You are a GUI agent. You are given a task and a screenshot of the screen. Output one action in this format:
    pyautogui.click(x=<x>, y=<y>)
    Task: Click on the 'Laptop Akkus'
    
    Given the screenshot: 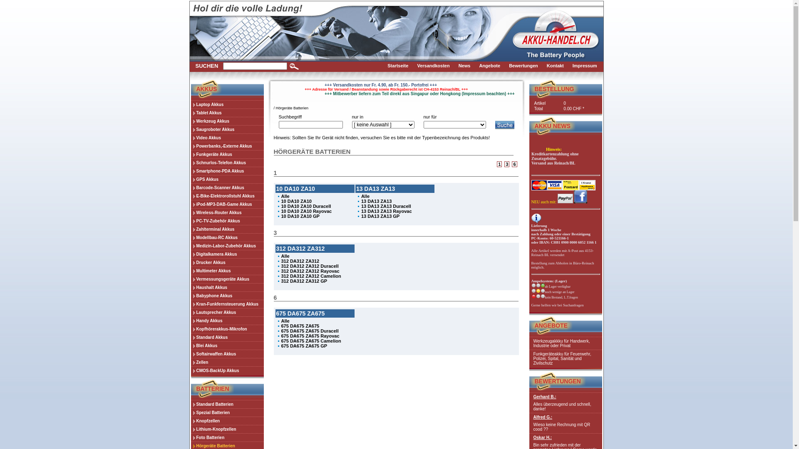 What is the action you would take?
    pyautogui.click(x=190, y=104)
    